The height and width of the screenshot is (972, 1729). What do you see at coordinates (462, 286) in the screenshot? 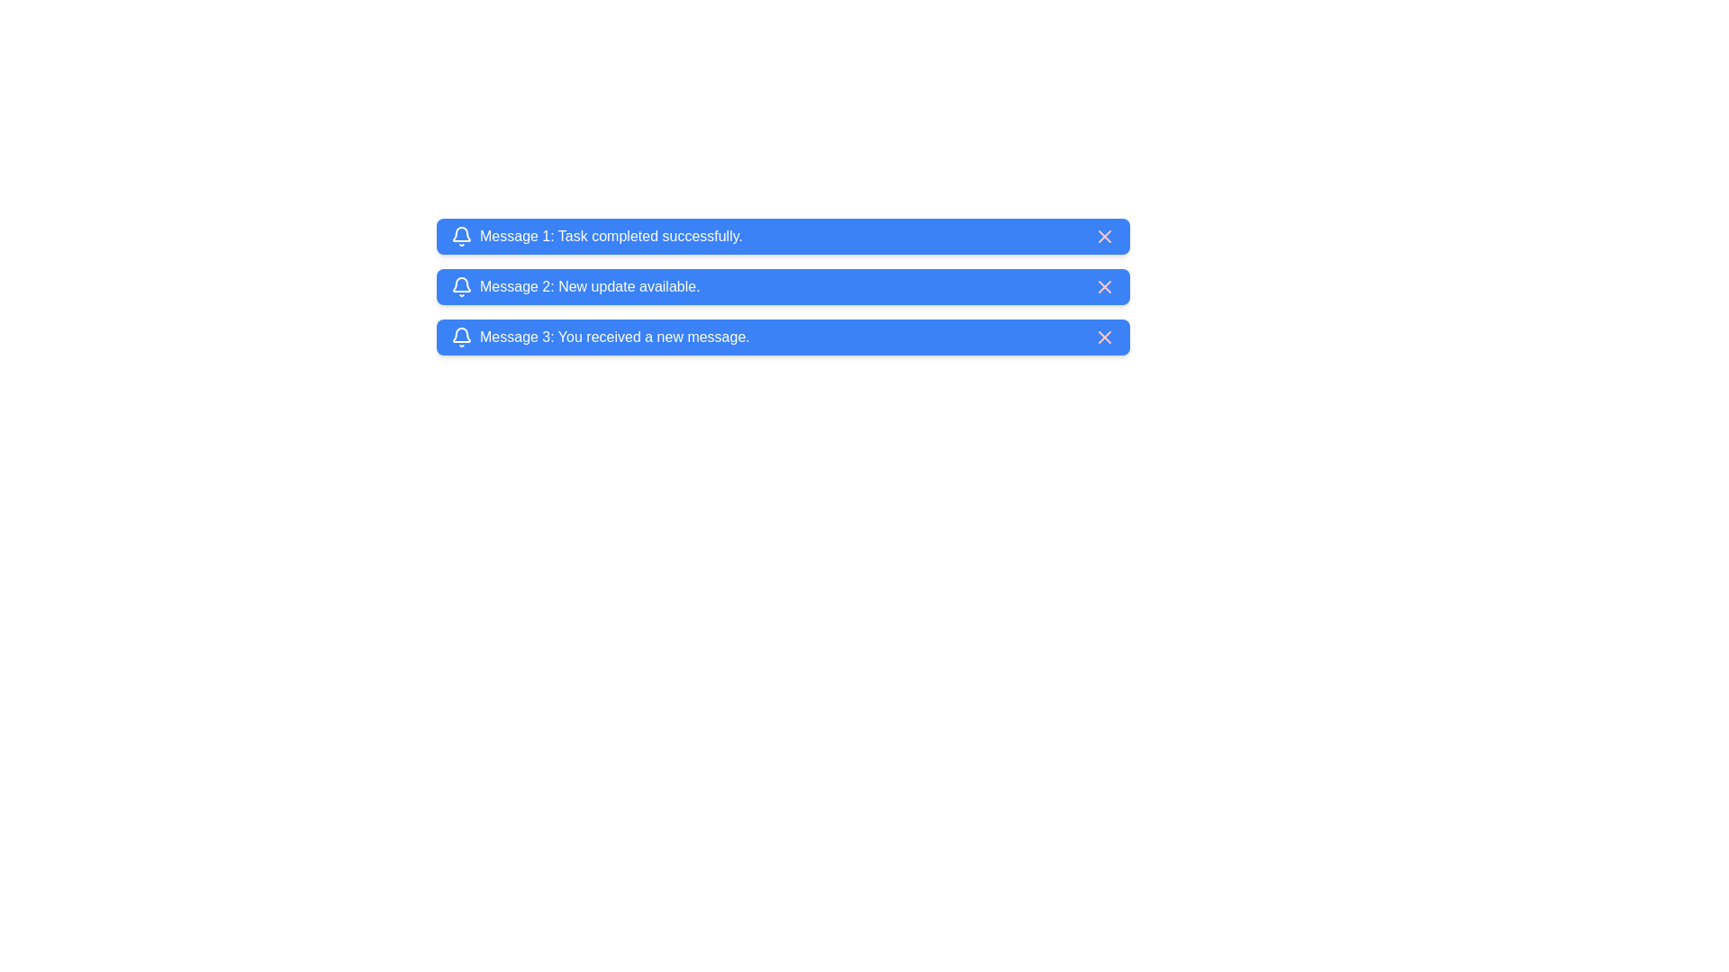
I see `the notification bell icon, which is styled with a thin outline on a blue rectangular background, next to the text 'Message 2: New update available.'` at bounding box center [462, 286].